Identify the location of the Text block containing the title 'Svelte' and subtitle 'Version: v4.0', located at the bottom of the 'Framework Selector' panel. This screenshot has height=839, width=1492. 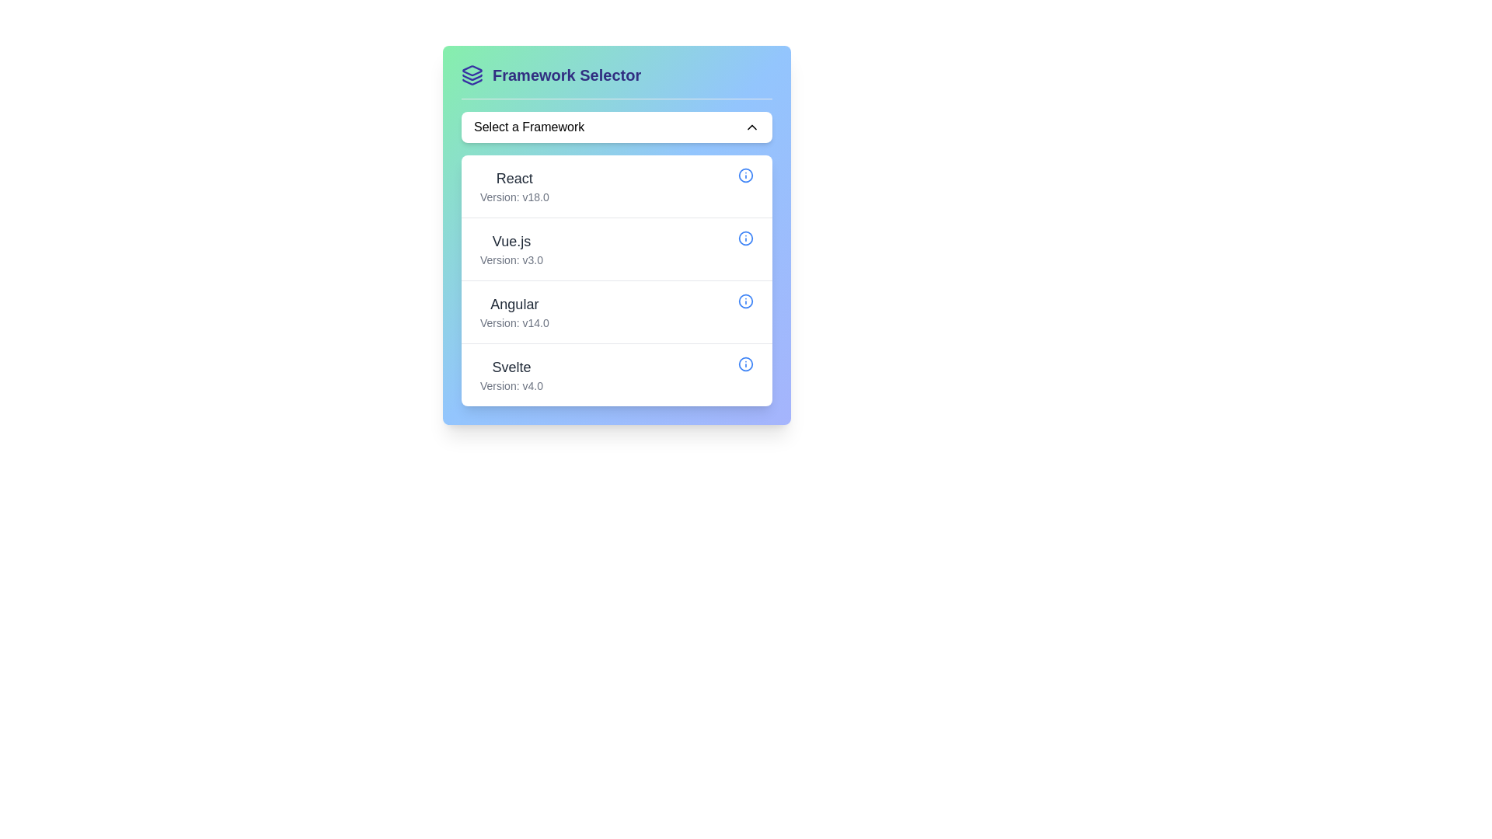
(511, 374).